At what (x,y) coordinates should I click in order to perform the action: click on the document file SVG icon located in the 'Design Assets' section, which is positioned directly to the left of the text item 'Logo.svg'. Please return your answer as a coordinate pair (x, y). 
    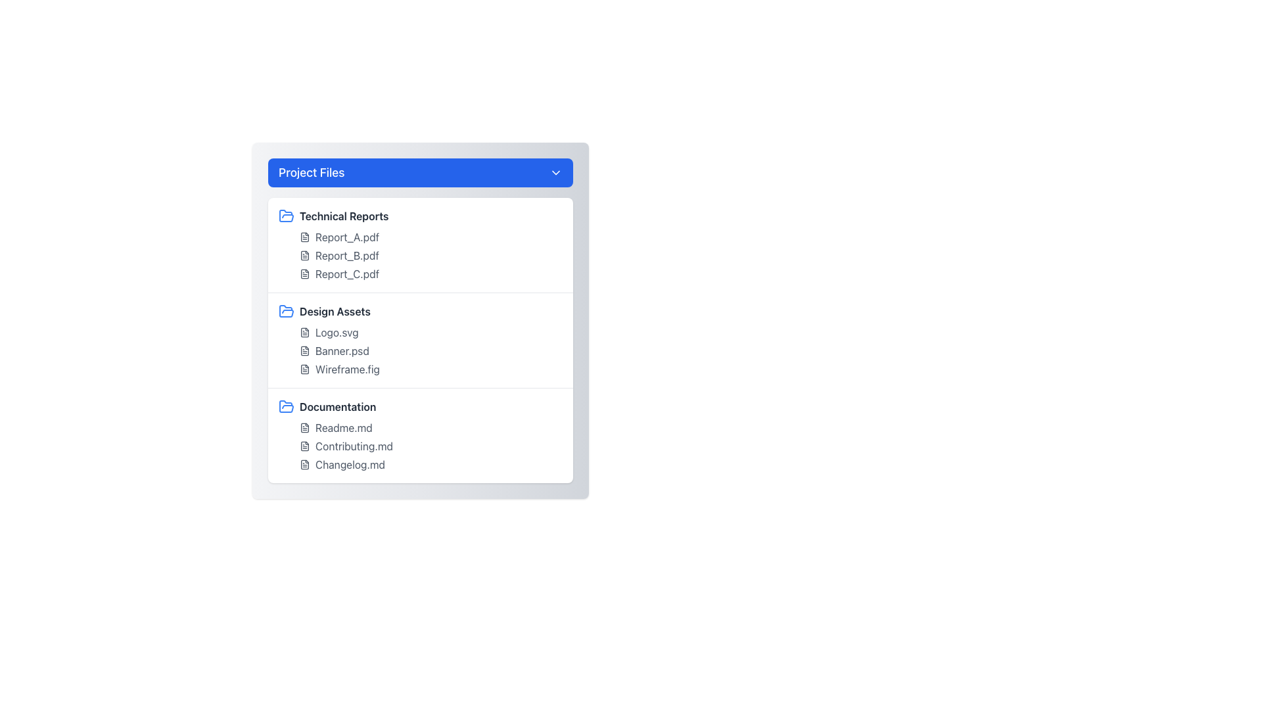
    Looking at the image, I should click on (304, 331).